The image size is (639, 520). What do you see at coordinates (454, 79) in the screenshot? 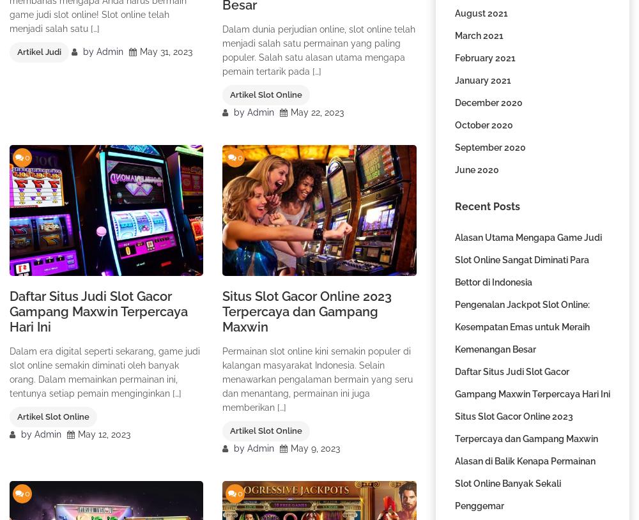
I see `'January 2021'` at bounding box center [454, 79].